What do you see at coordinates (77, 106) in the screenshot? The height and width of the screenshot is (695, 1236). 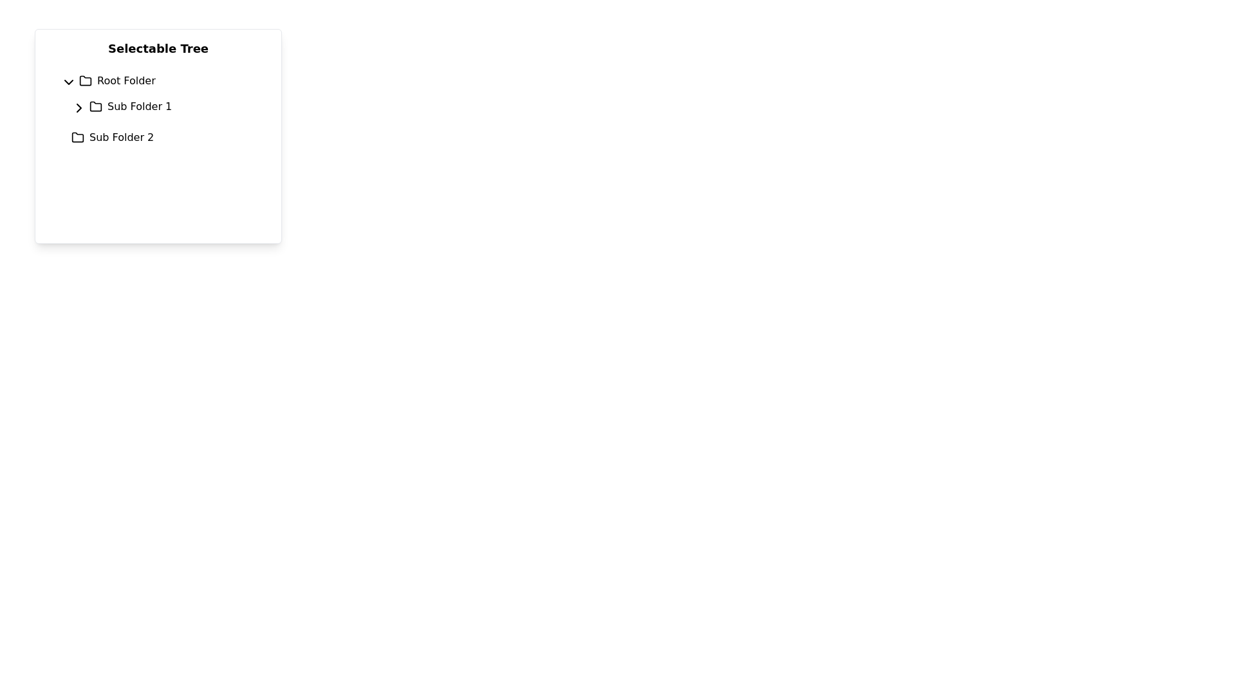 I see `the small right-facing chevron icon next to the text 'Sub Folder 1'` at bounding box center [77, 106].